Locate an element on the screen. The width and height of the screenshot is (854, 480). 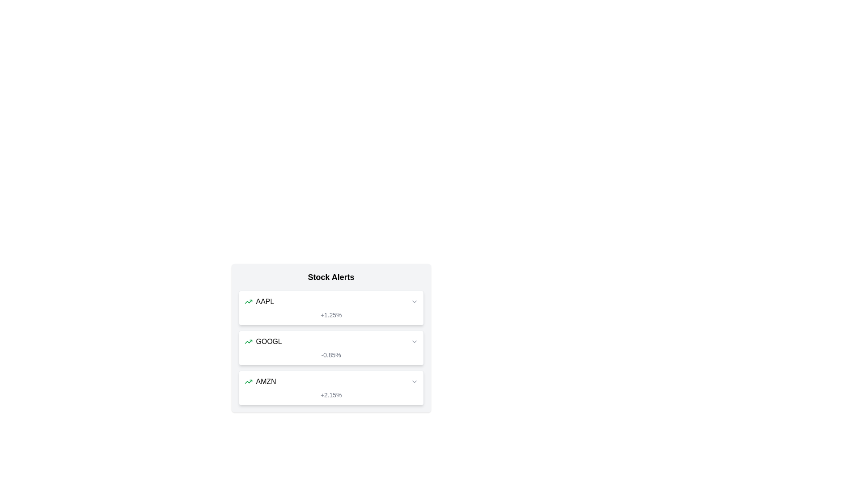
the stock information card for 'GOOGL' is located at coordinates (330, 338).